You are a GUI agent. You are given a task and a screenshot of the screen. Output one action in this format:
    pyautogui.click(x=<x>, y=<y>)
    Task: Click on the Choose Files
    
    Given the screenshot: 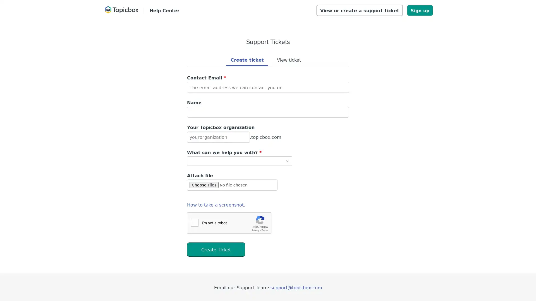 What is the action you would take?
    pyautogui.click(x=204, y=185)
    